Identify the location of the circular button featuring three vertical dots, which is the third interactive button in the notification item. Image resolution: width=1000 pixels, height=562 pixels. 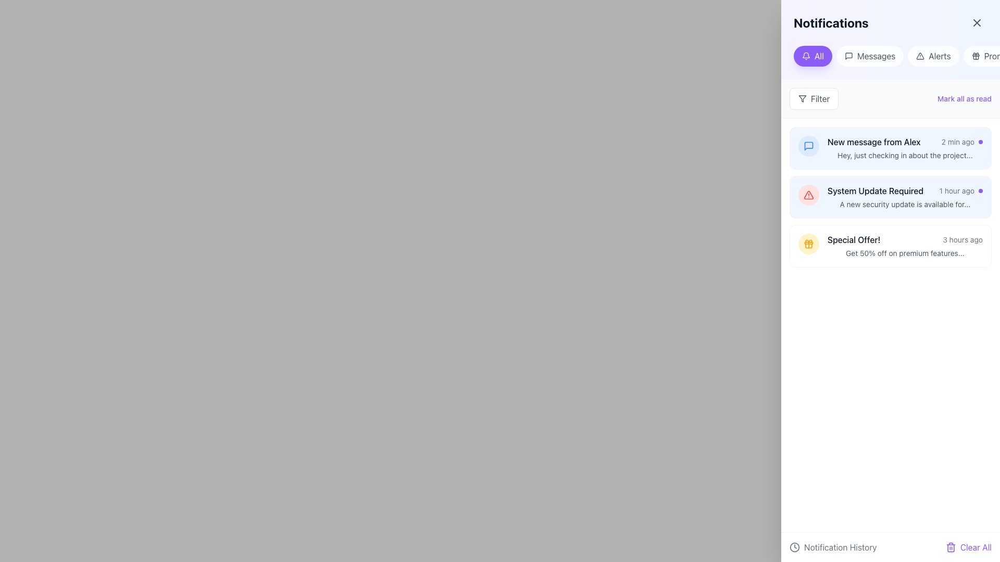
(974, 148).